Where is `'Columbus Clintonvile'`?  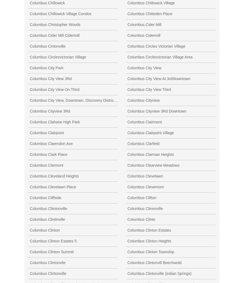 'Columbus Clintonvile' is located at coordinates (47, 262).